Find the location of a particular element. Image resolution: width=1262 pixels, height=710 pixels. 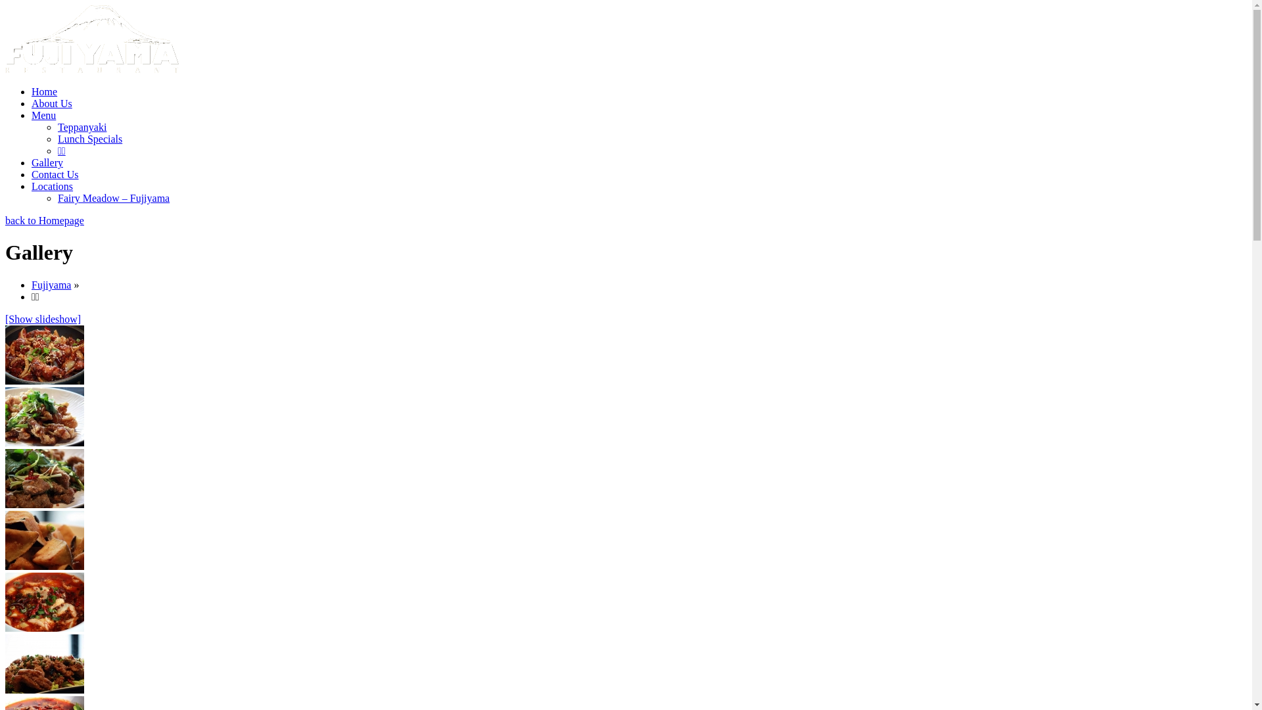

'Home' is located at coordinates (44, 91).